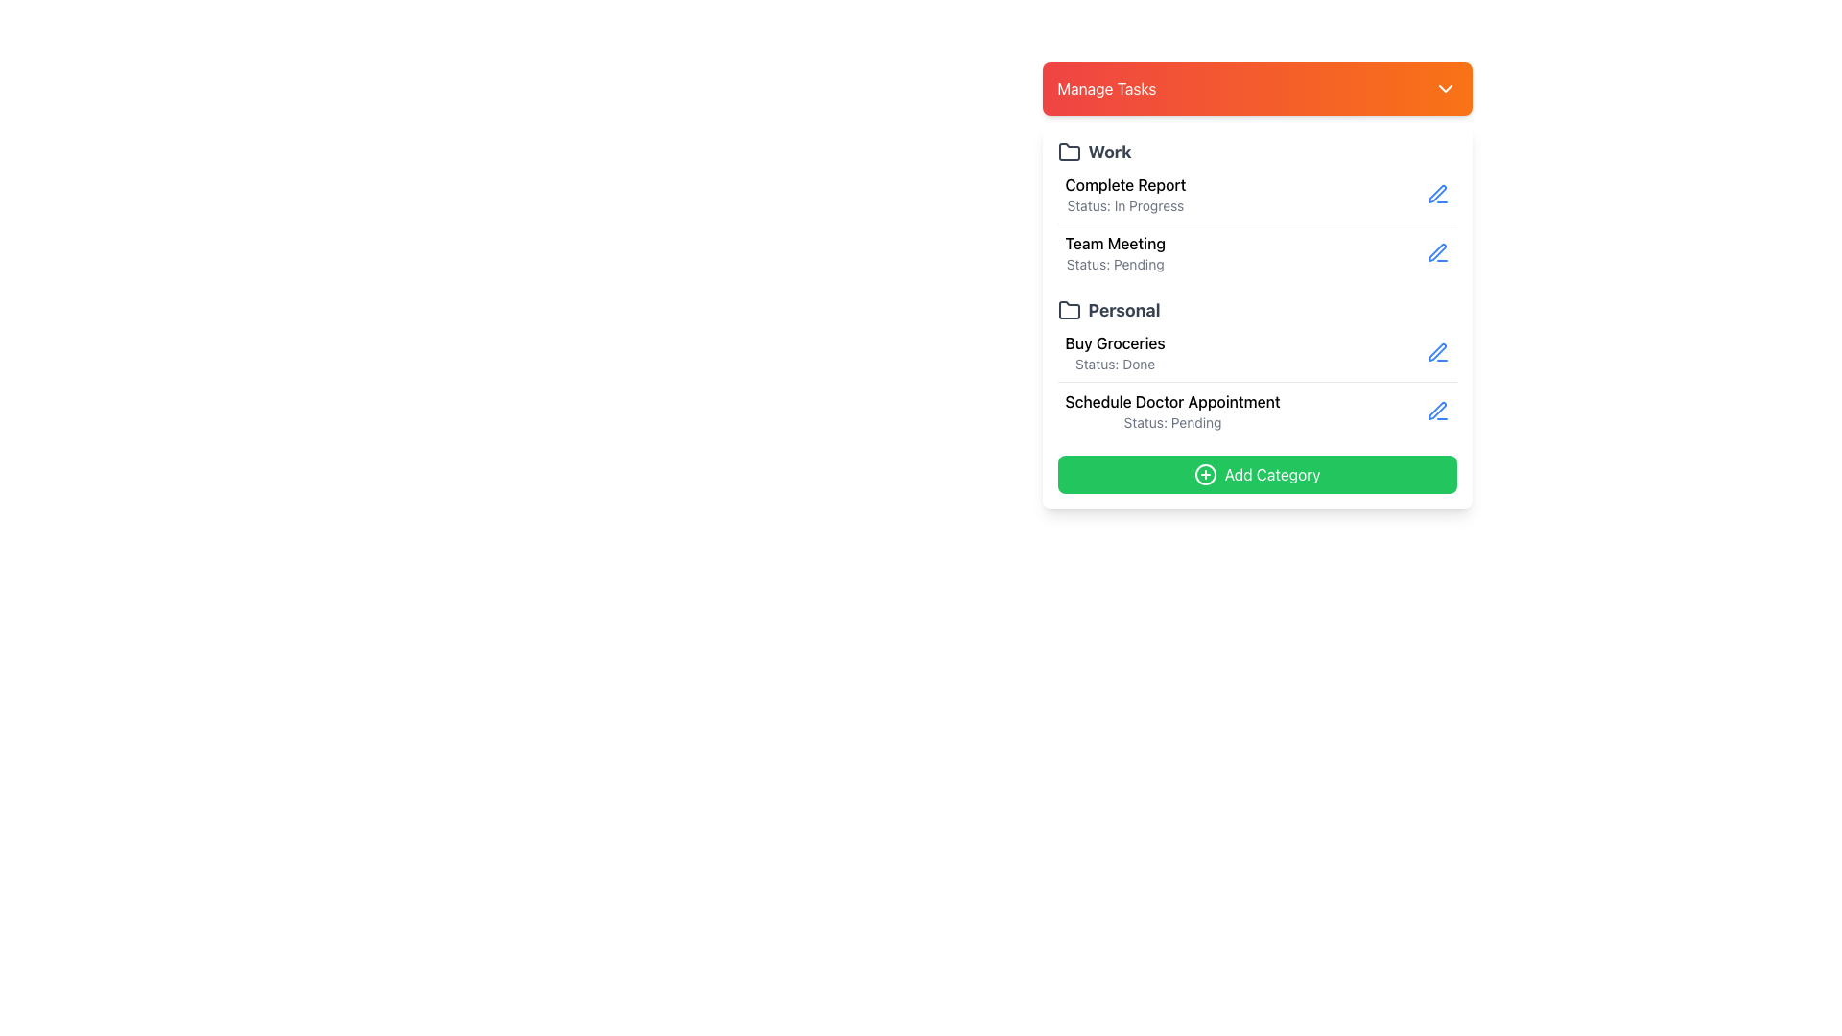 The image size is (1842, 1036). What do you see at coordinates (1257, 474) in the screenshot?
I see `the actionable button to add a new category to the task list, located at the bottom section of the task management panel` at bounding box center [1257, 474].